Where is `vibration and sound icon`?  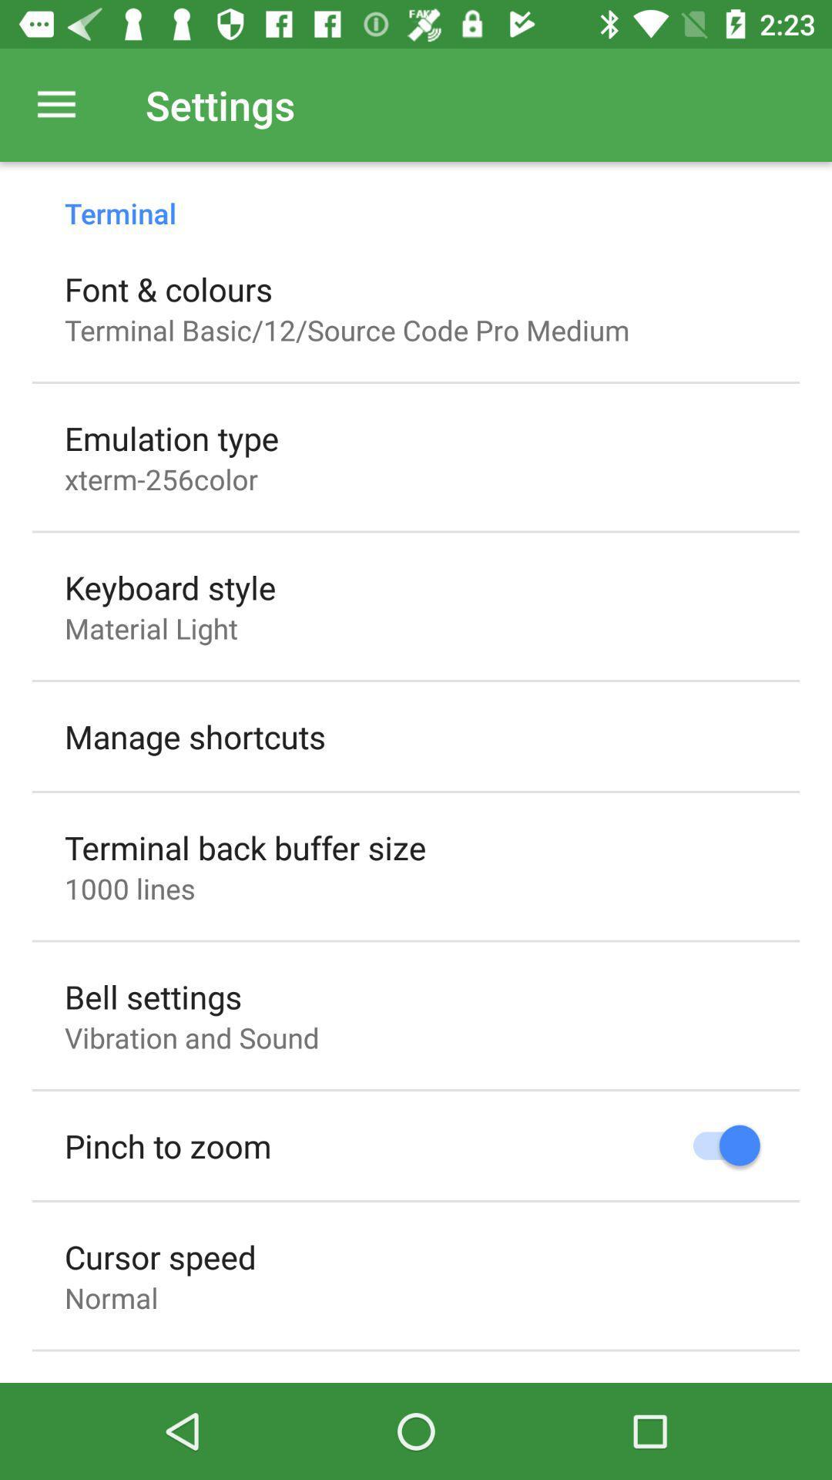
vibration and sound icon is located at coordinates (191, 1038).